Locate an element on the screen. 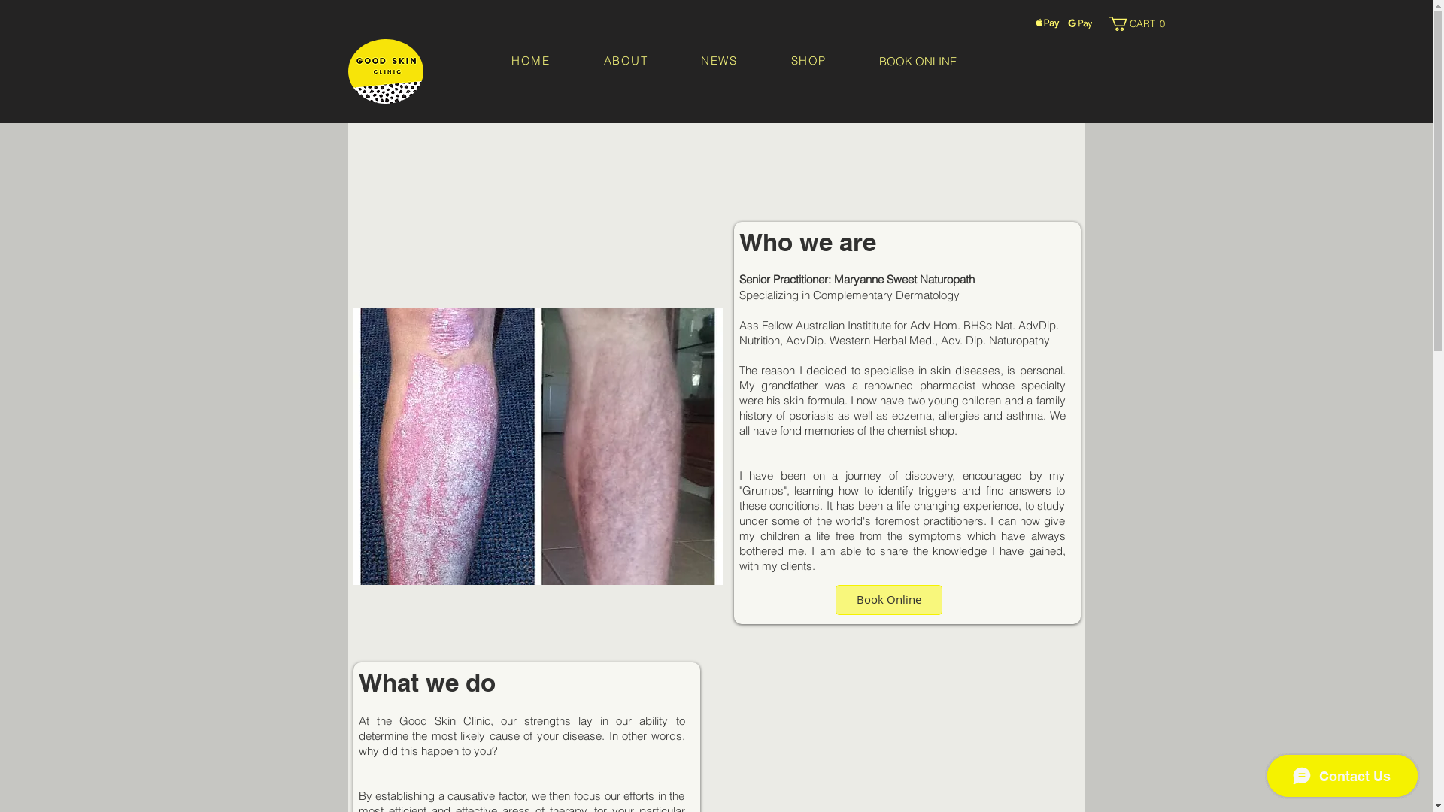 The height and width of the screenshot is (812, 1444). 'Apple Pay Logo' is located at coordinates (1049, 29).